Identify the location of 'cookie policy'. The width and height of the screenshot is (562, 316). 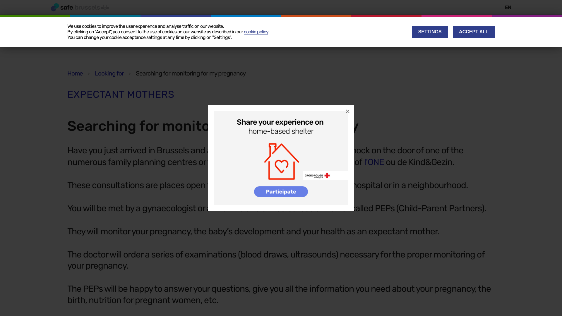
(256, 32).